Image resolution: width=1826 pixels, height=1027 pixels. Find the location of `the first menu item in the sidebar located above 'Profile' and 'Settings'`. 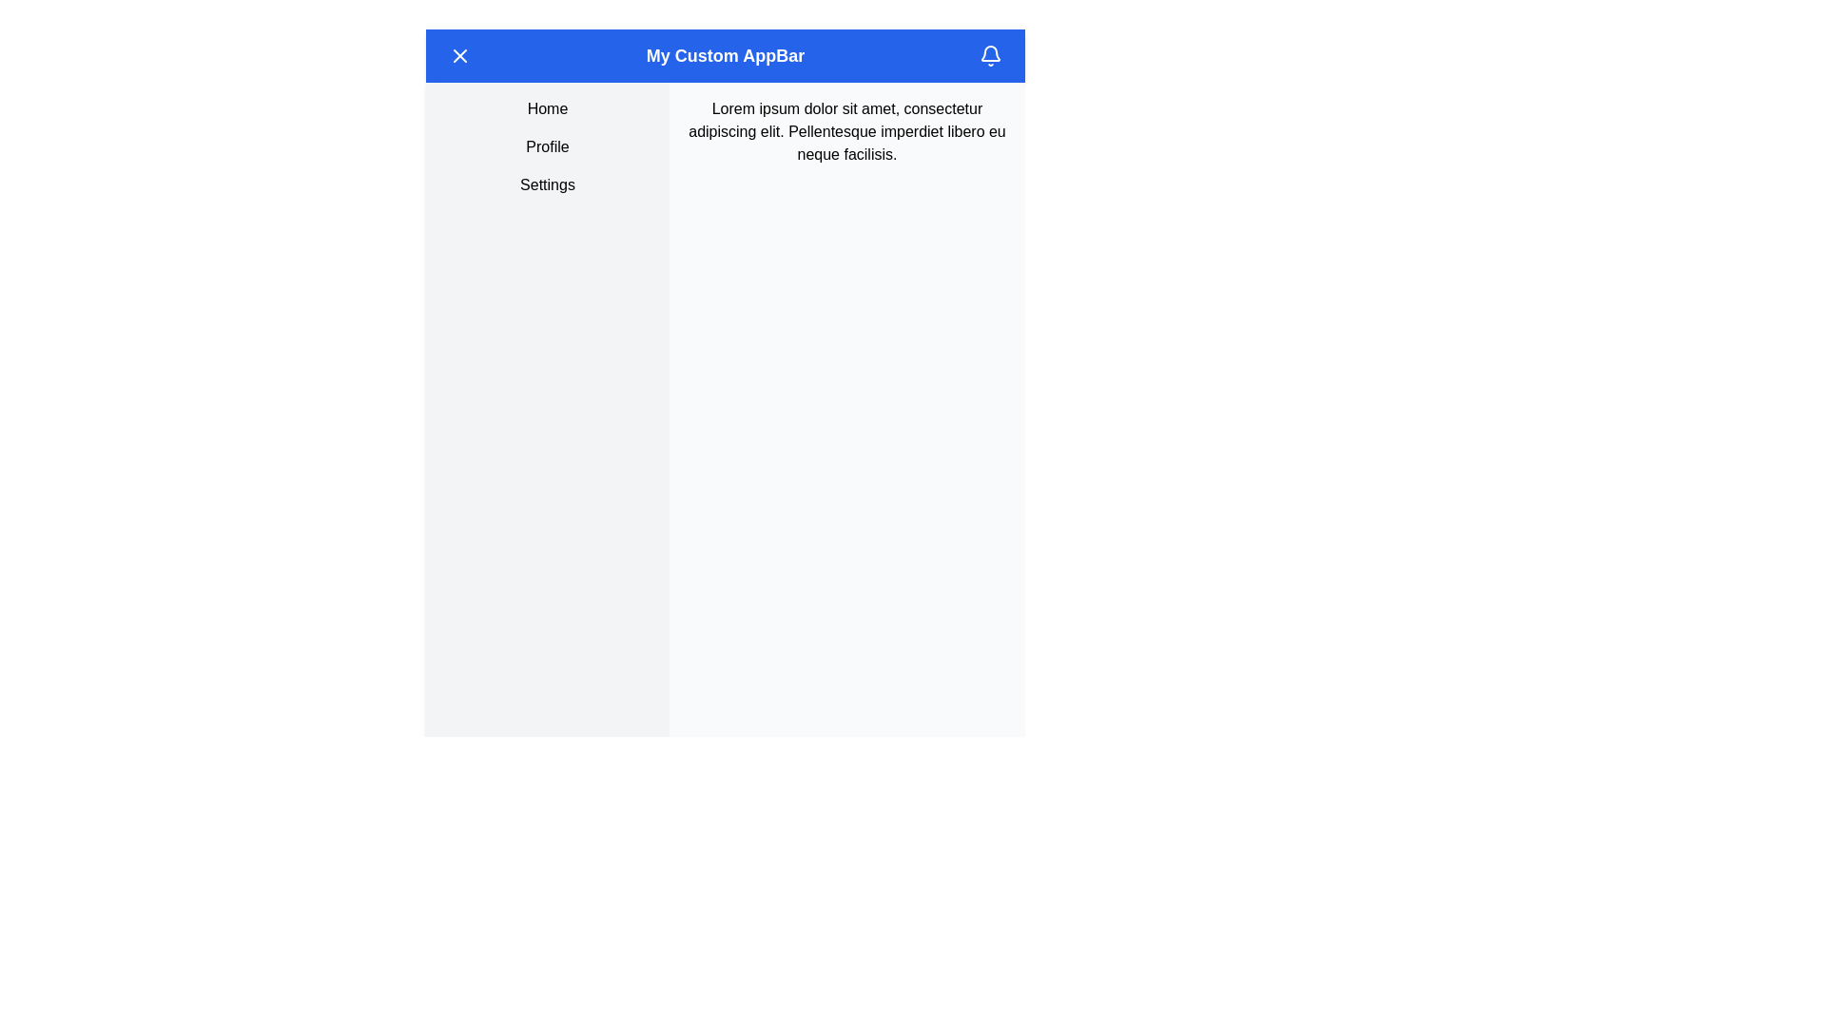

the first menu item in the sidebar located above 'Profile' and 'Settings' is located at coordinates (547, 109).